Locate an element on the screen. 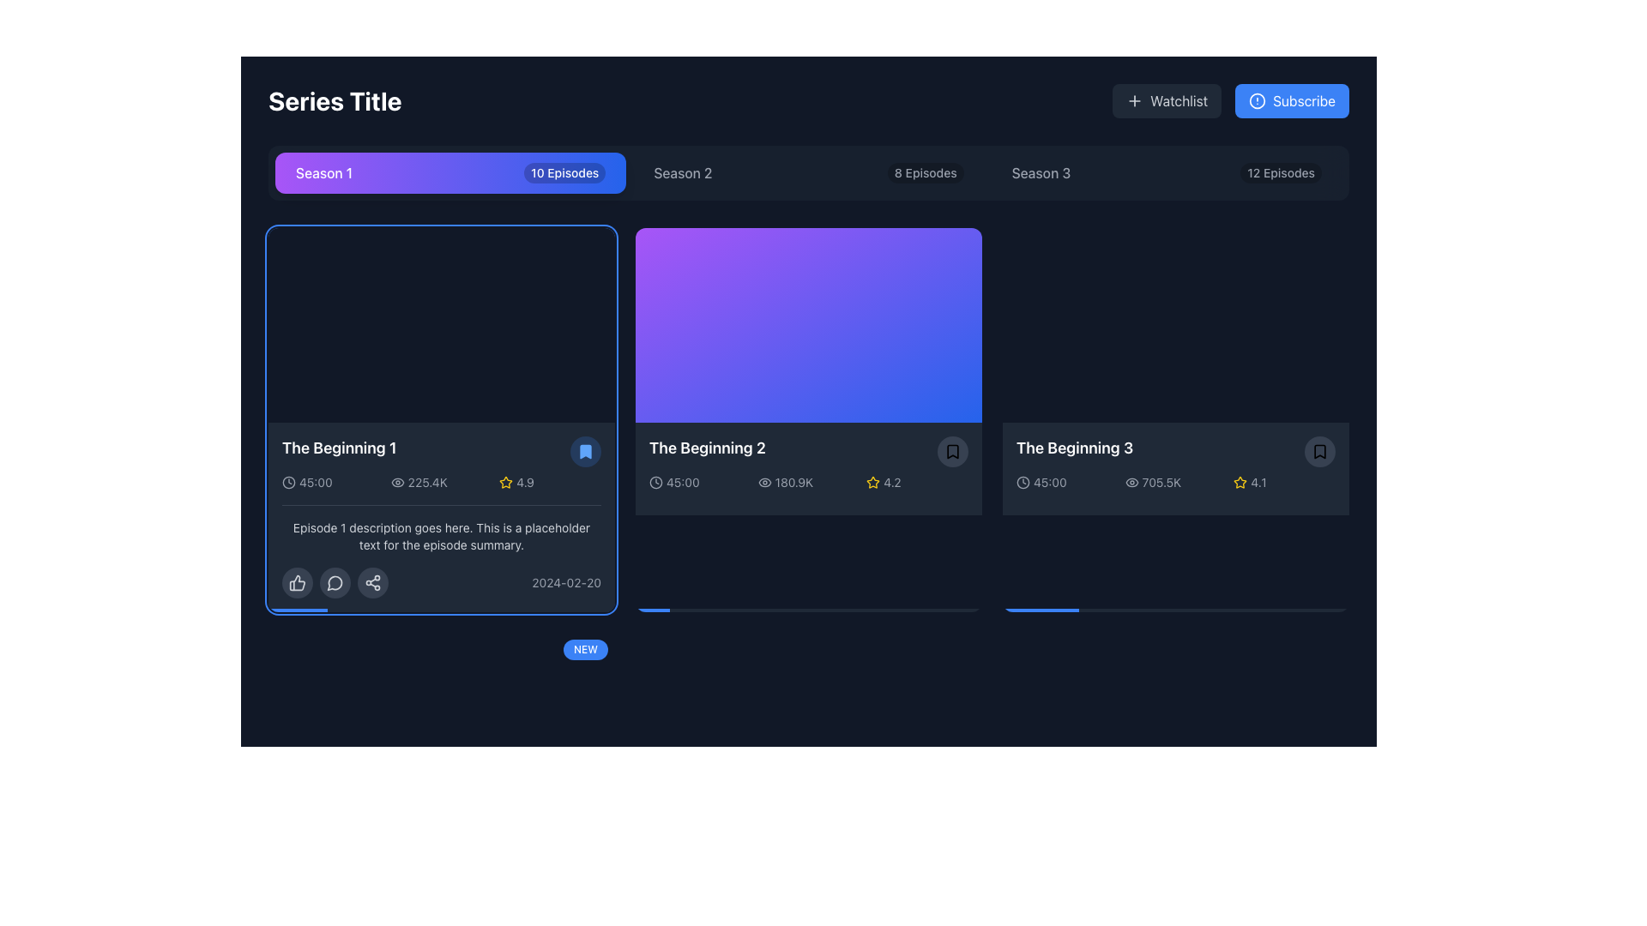 The width and height of the screenshot is (1647, 926). the star rating icon located in the rating section of the card labeled 'The Beginning 3', positioned to the left of the numerical rating value is located at coordinates (1240, 482).